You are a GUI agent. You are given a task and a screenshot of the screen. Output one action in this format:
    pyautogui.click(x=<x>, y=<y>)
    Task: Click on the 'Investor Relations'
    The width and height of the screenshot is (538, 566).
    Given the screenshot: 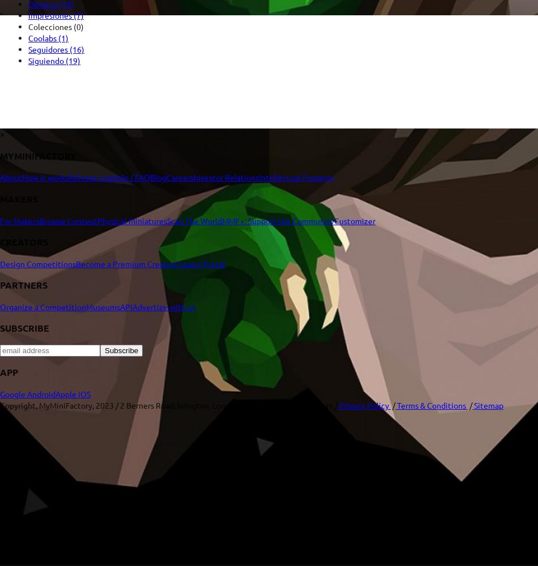 What is the action you would take?
    pyautogui.click(x=225, y=177)
    